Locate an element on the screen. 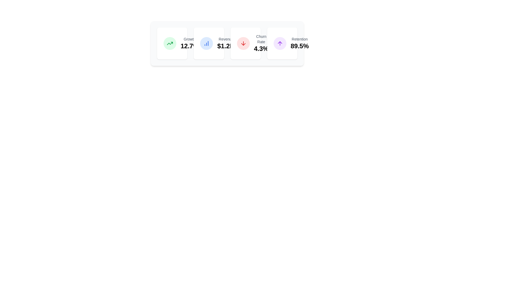  the downward-pointing red arrow icon located at the top of the Churn Rate card, which has a circular light-red background is located at coordinates (243, 43).